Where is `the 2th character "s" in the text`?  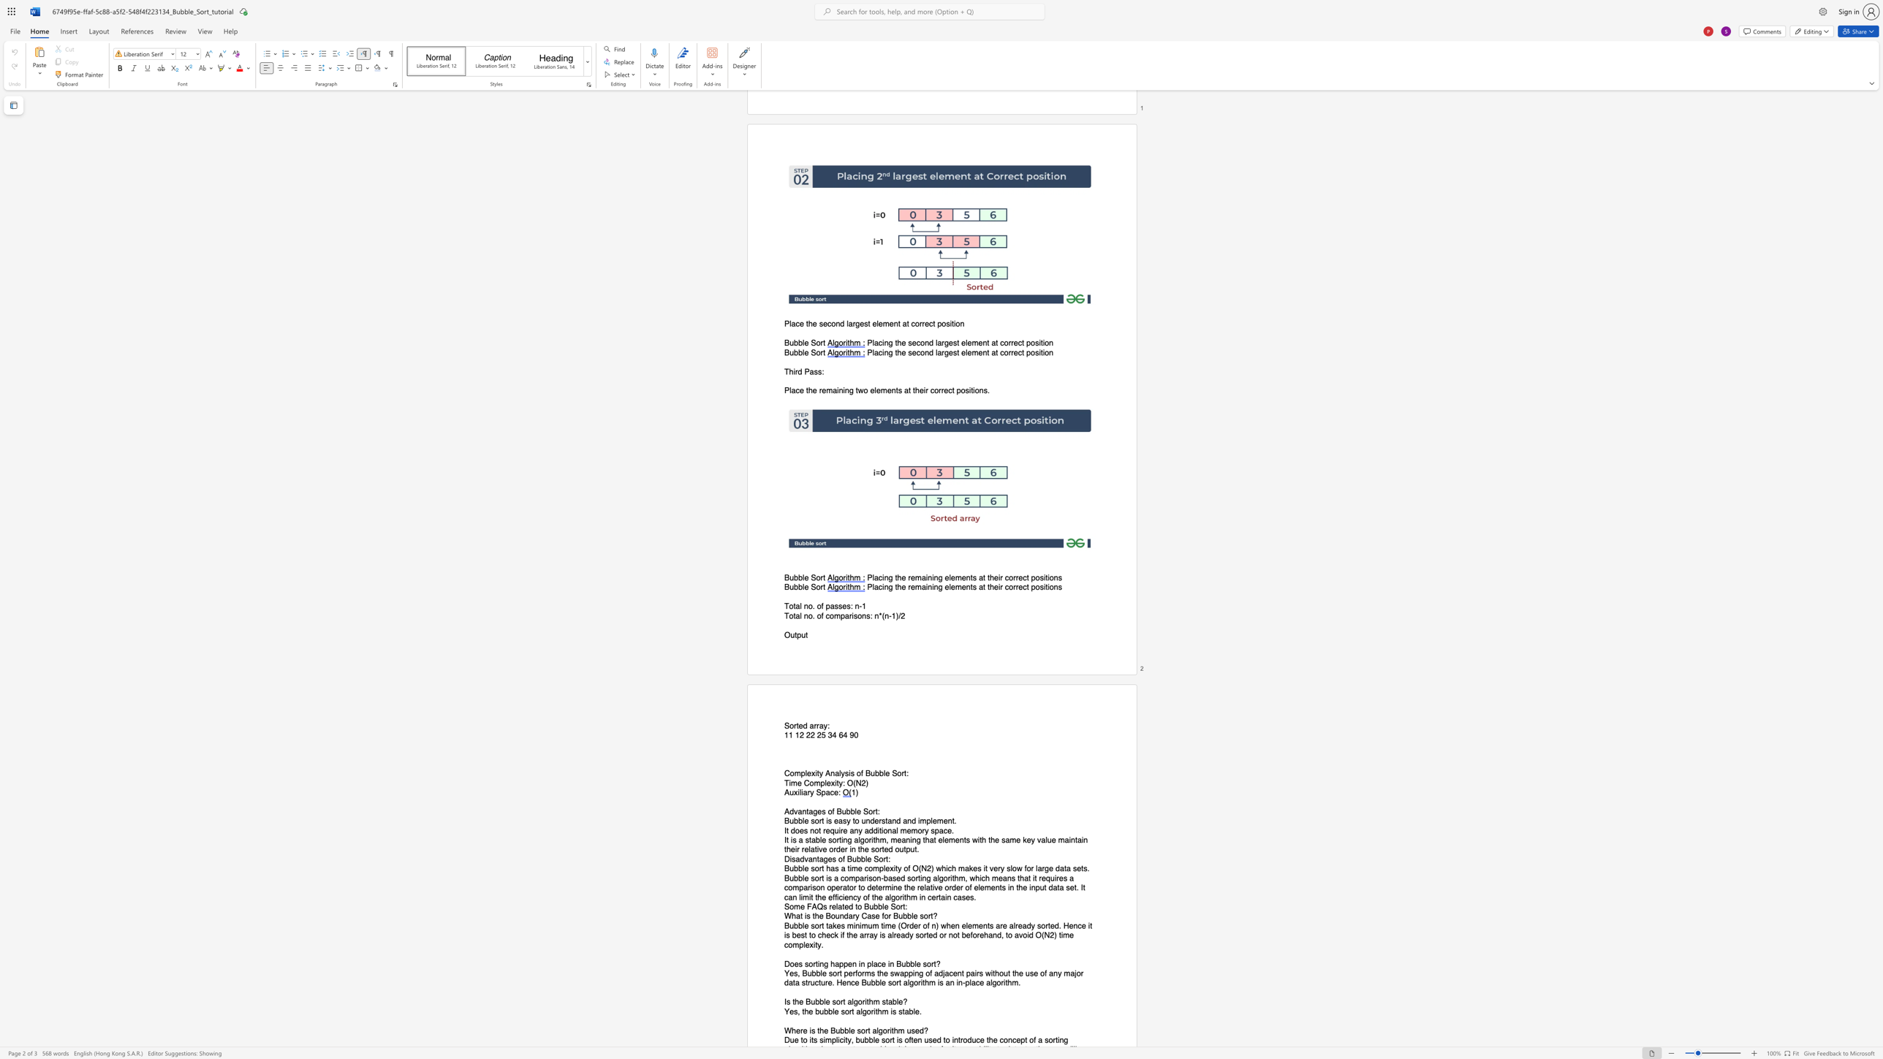 the 2th character "s" in the text is located at coordinates (868, 615).